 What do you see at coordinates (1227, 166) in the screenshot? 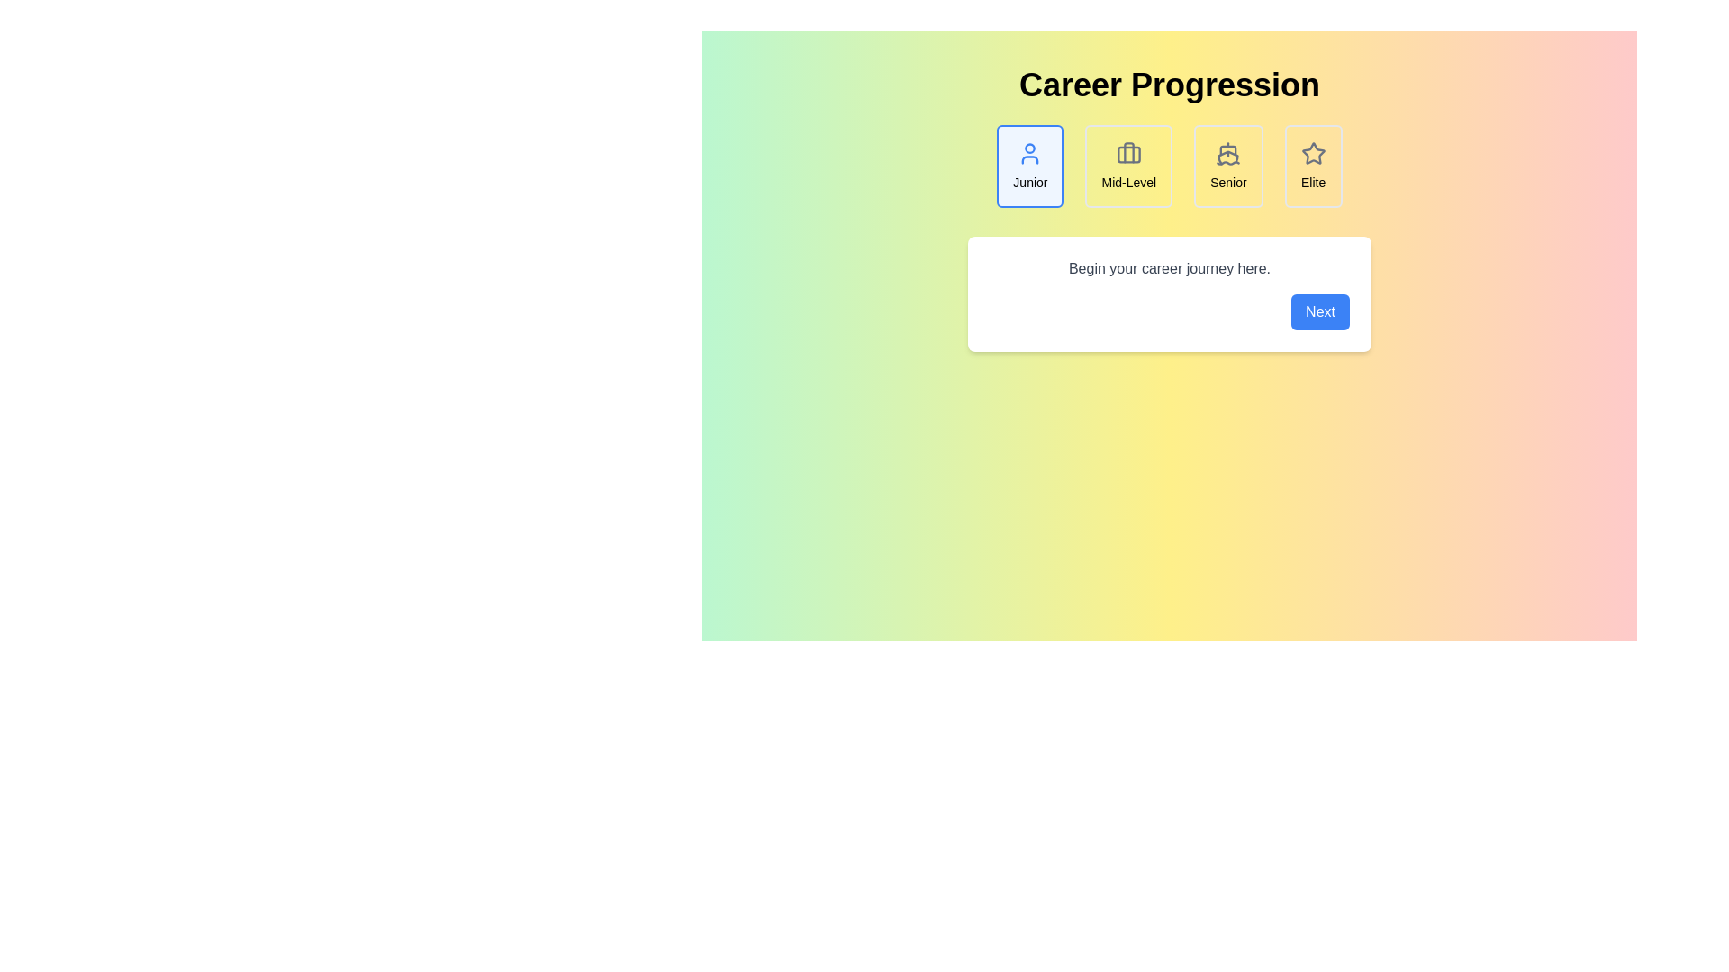
I see `the career step icon corresponding to Senior to trigger interaction feedback` at bounding box center [1227, 166].